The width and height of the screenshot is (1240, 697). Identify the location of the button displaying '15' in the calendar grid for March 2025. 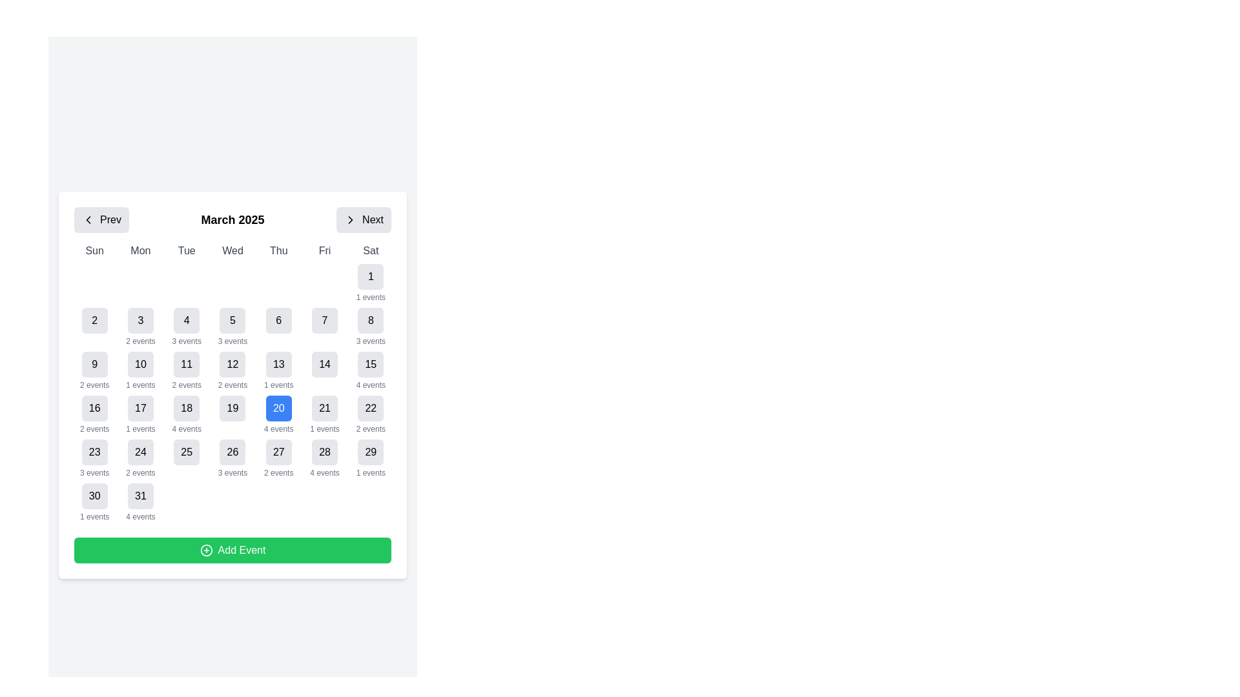
(370, 364).